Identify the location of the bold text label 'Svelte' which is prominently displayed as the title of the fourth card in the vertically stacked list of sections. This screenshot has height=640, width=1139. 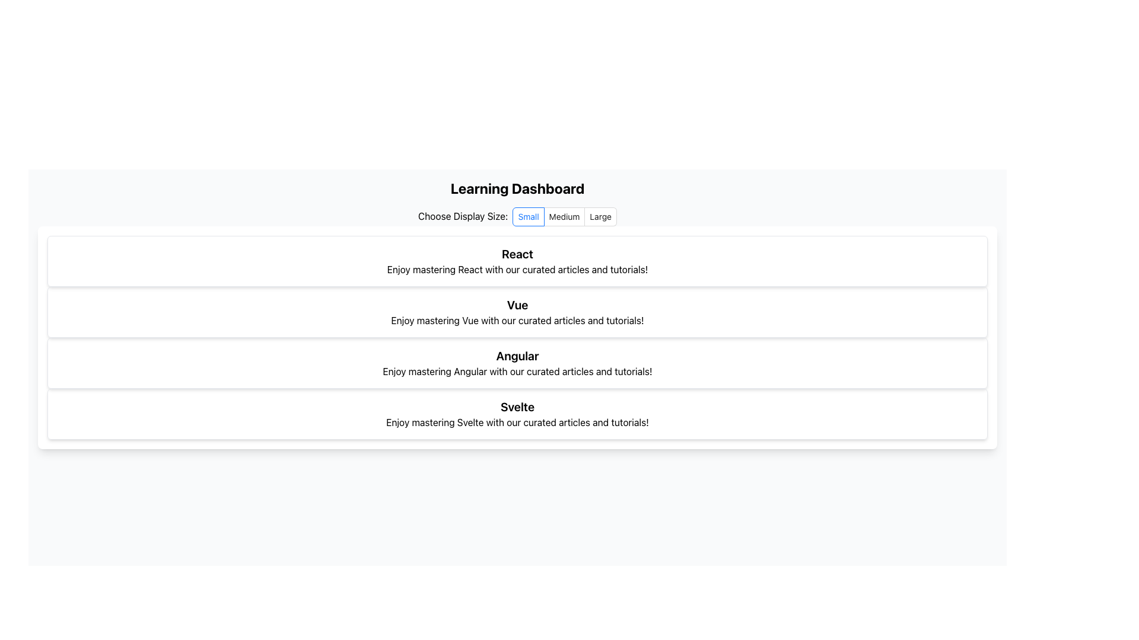
(517, 406).